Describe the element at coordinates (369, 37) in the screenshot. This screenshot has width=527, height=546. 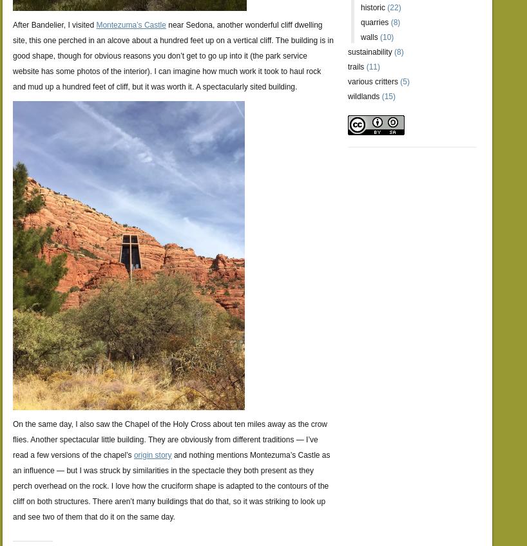
I see `'walls'` at that location.